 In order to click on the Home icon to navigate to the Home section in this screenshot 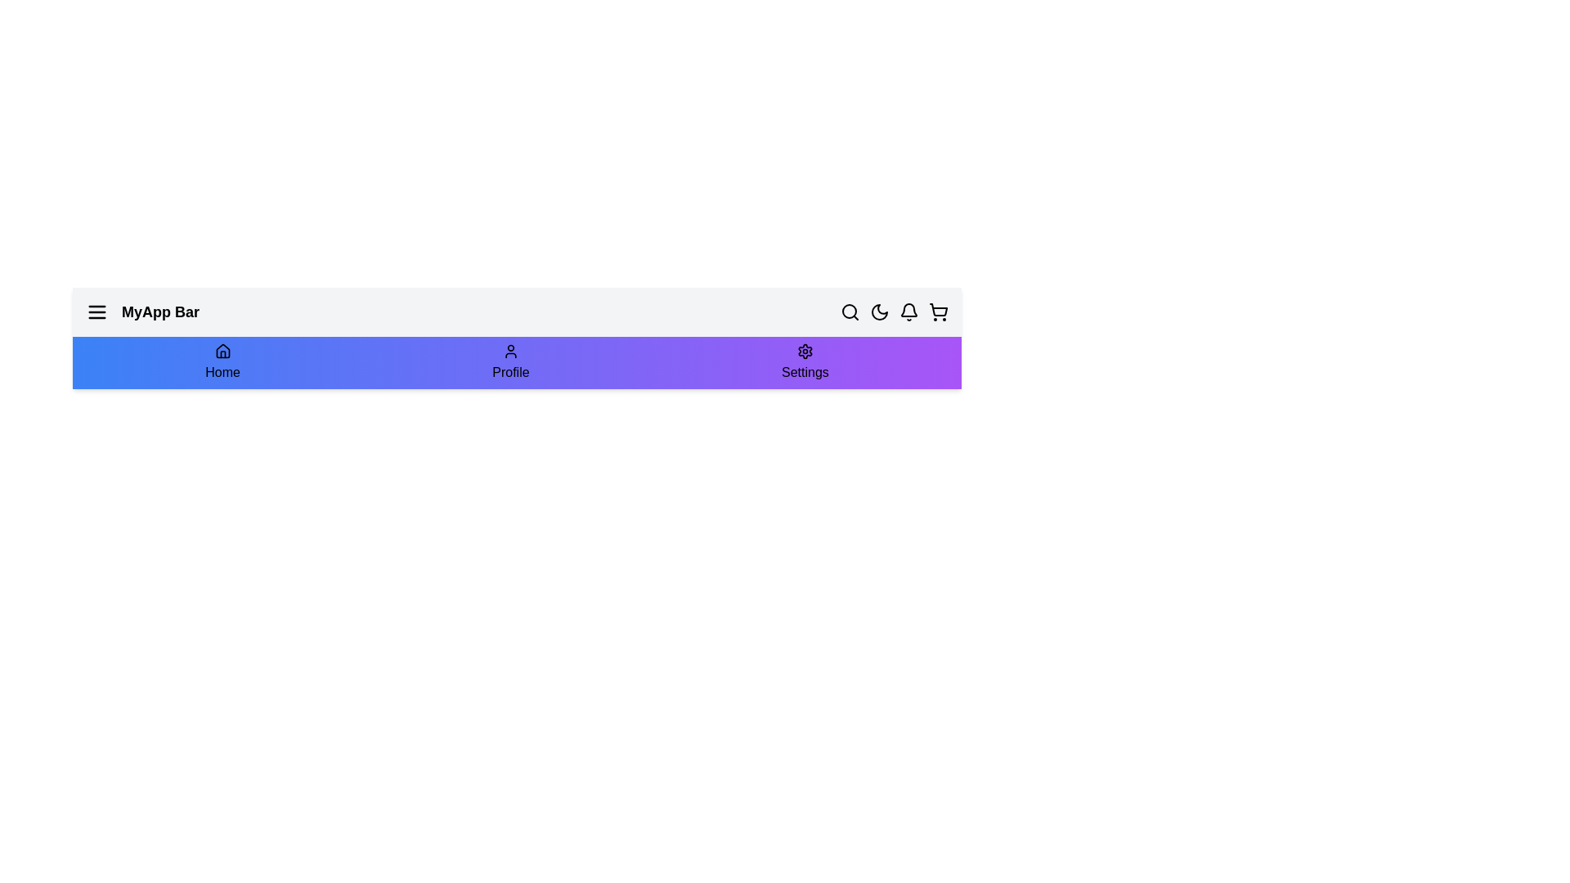, I will do `click(222, 350)`.